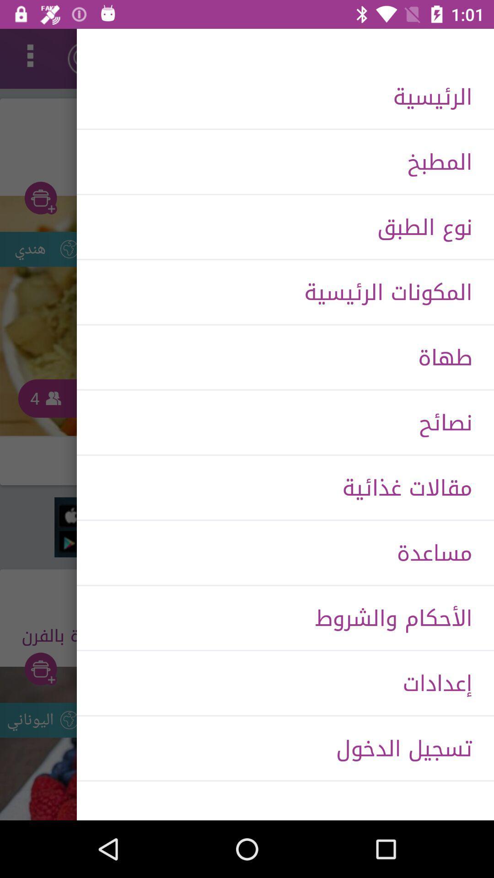  I want to click on the more icon, so click(30, 58).